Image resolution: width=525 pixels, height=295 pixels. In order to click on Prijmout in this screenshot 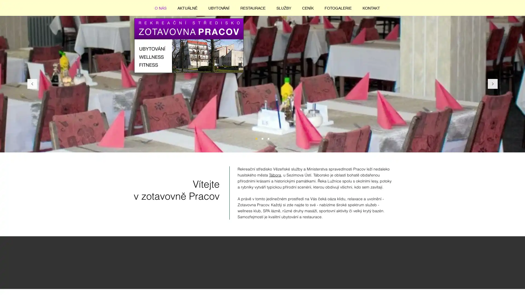, I will do `click(499, 285)`.